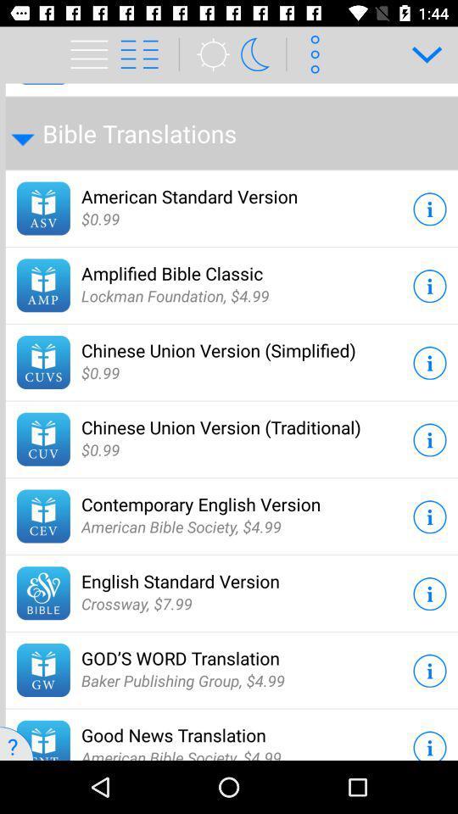 This screenshot has height=814, width=458. What do you see at coordinates (311, 54) in the screenshot?
I see `the more icon` at bounding box center [311, 54].